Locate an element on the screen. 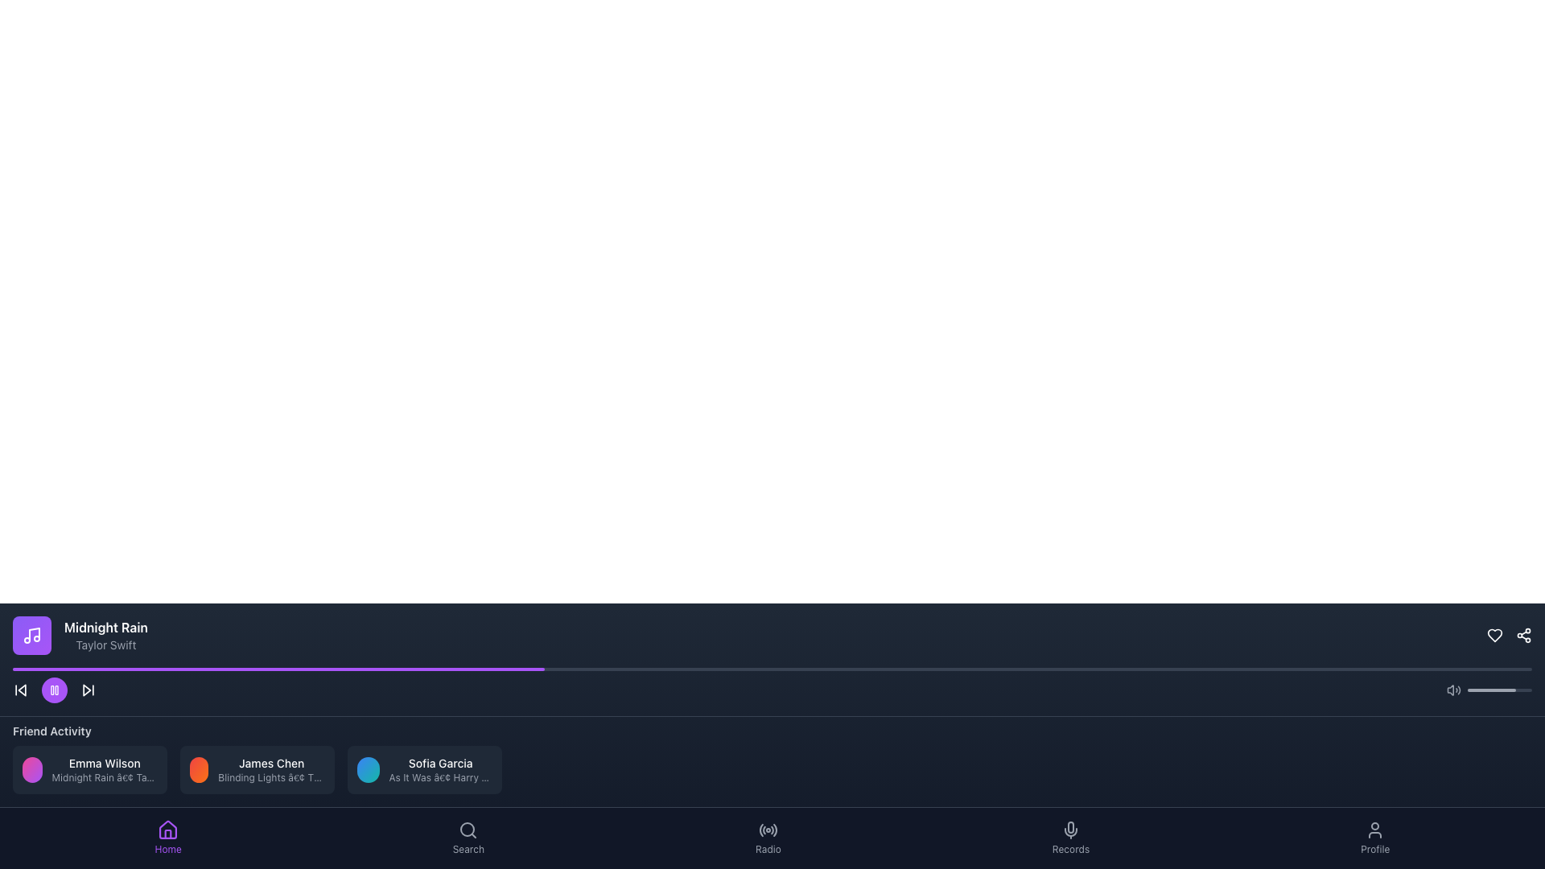 The image size is (1545, 869). the heart icon located in the top-right corner of the navigation bar to favorite the content is located at coordinates (1493, 635).